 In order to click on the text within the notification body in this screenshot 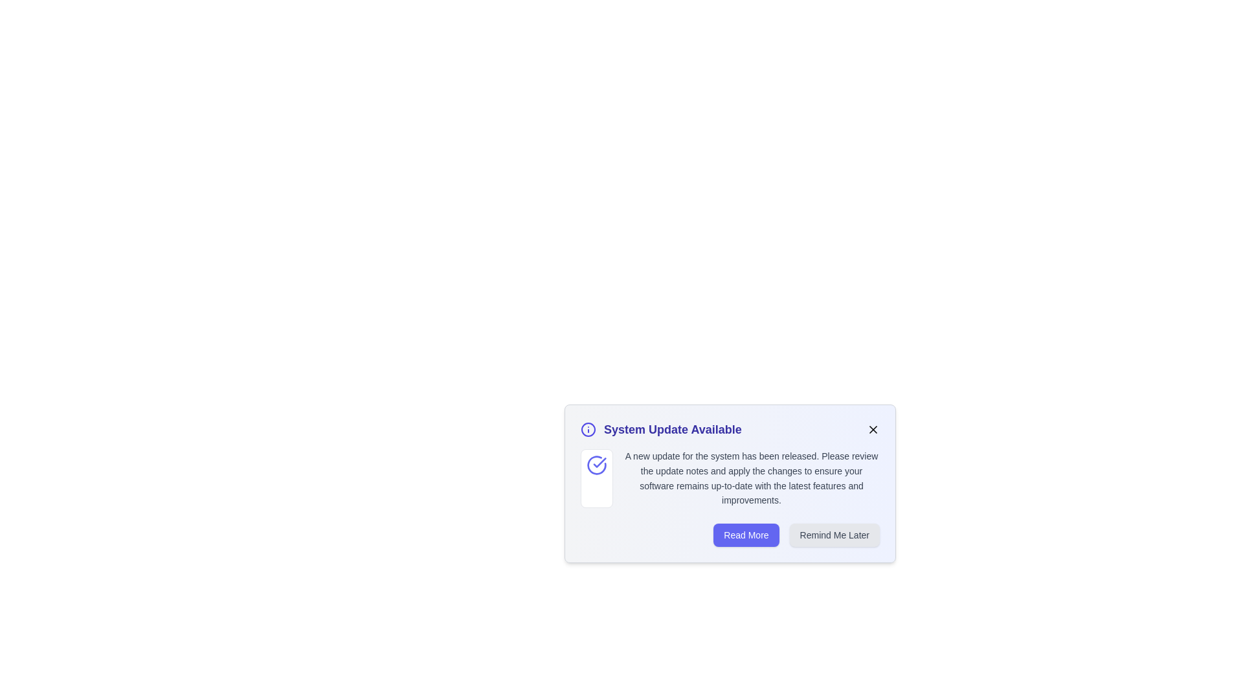, I will do `click(623, 449)`.